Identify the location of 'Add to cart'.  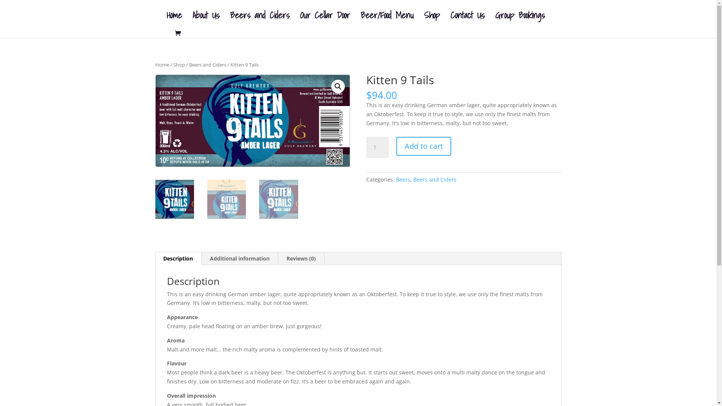
(424, 146).